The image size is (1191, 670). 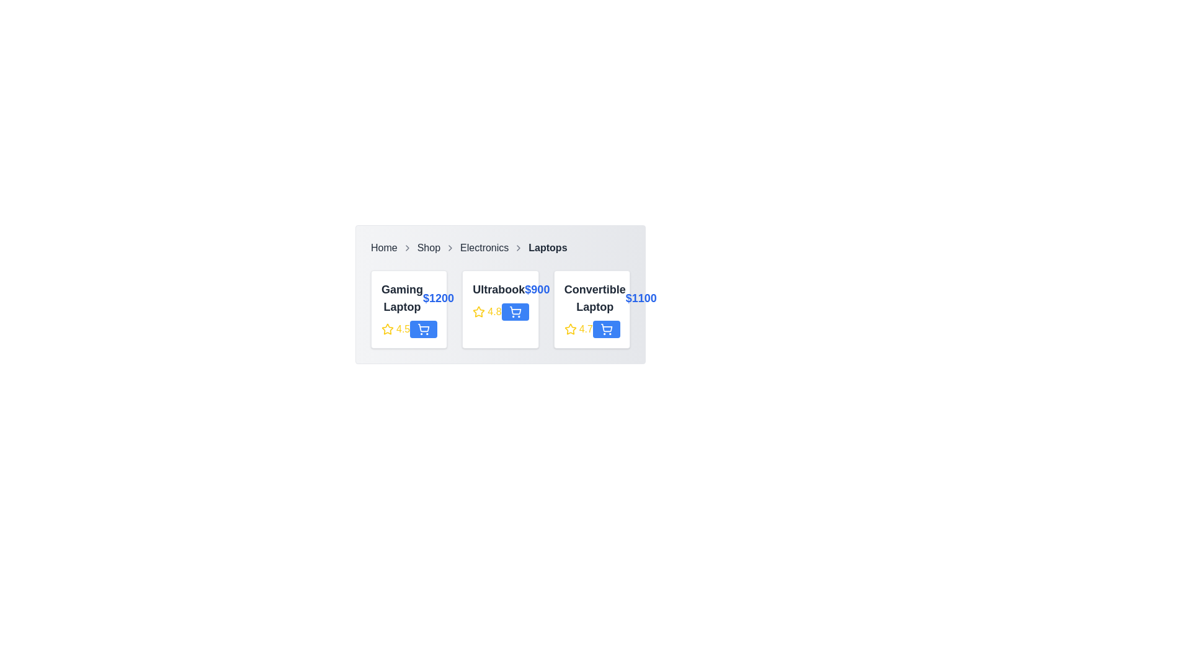 I want to click on related elements in the card containing the 'Gaming Laptop' title and price display, located in the upper-left section of the card, so click(x=409, y=298).